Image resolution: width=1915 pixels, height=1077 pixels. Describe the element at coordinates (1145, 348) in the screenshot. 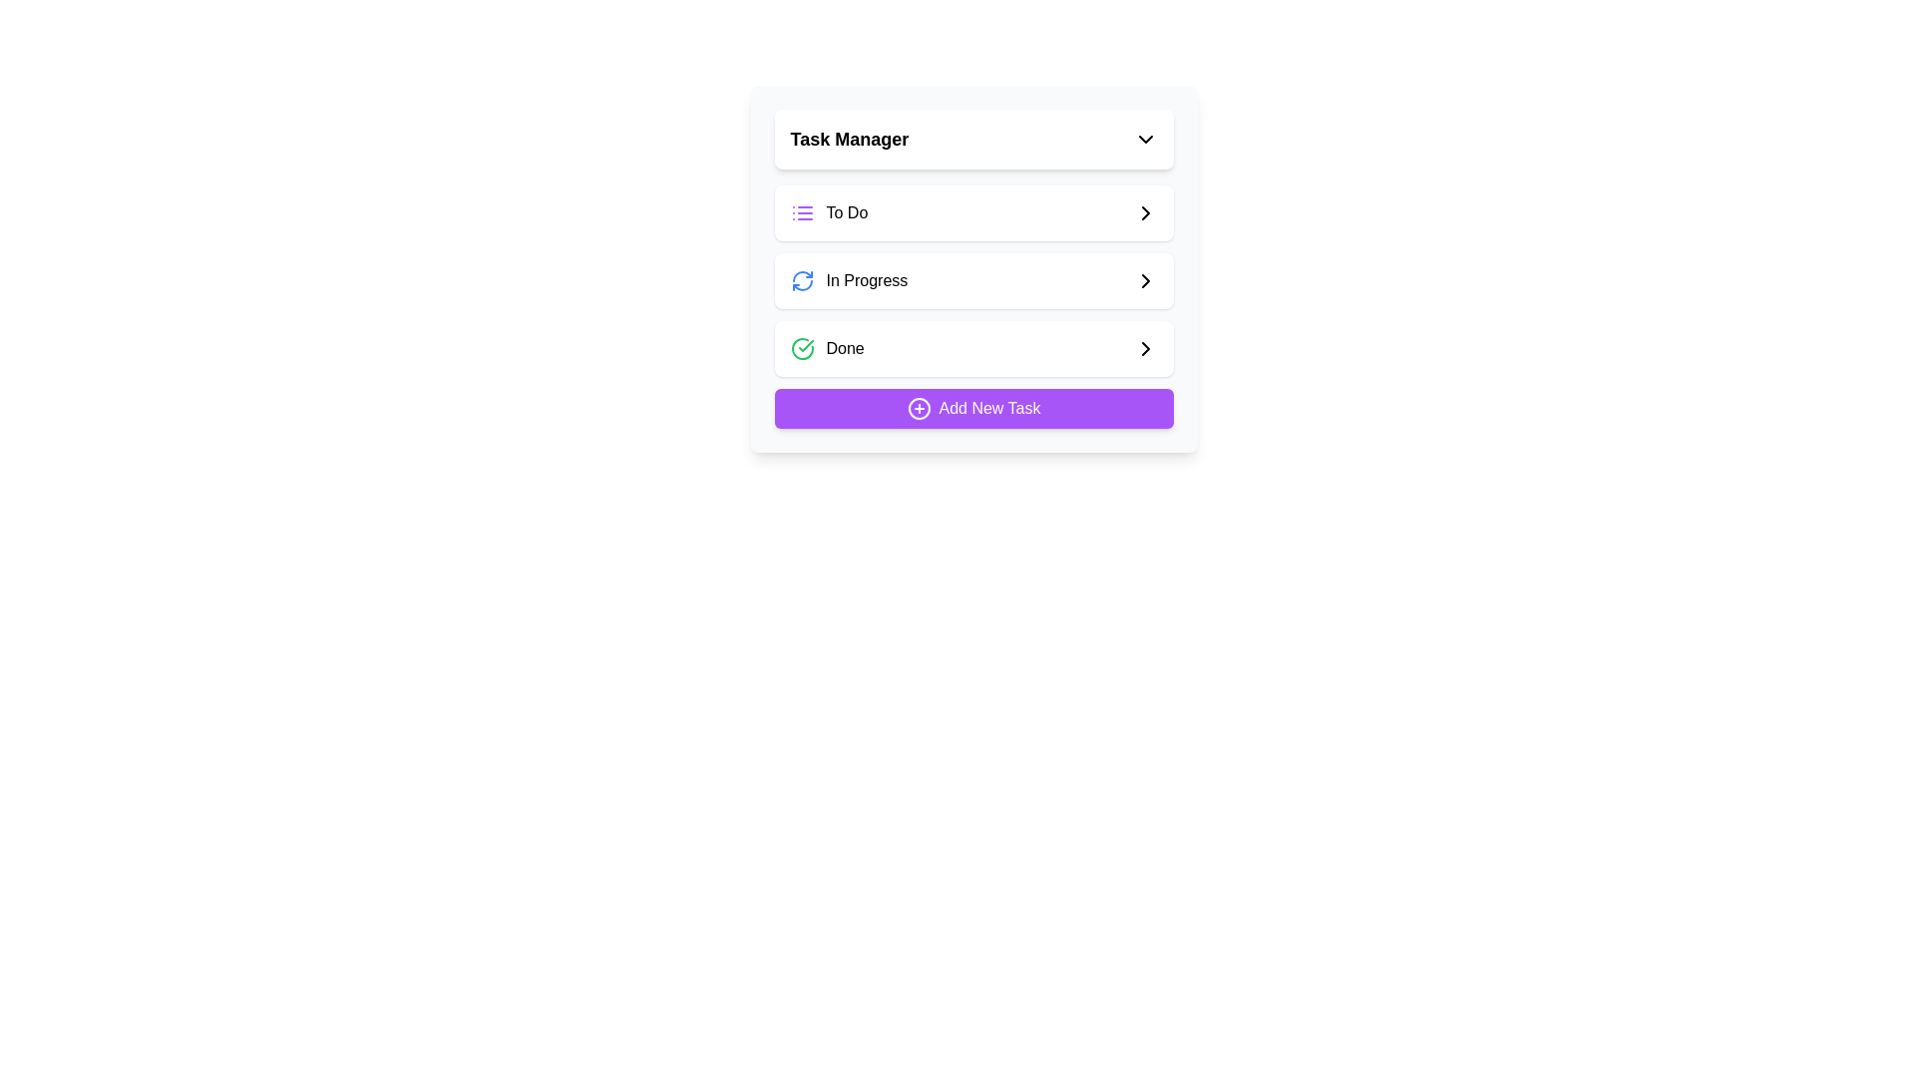

I see `the Chevron icon located to the far right of the 'Done' label in the third row of the vertical list` at that location.